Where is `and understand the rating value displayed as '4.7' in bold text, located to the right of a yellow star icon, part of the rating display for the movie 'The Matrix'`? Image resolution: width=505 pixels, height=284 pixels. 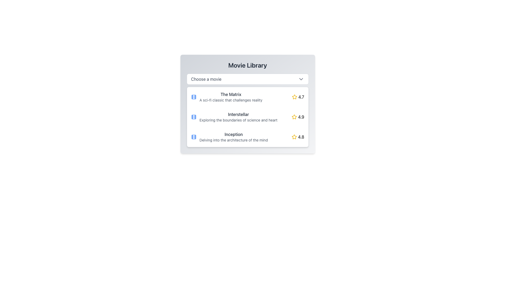 and understand the rating value displayed as '4.7' in bold text, located to the right of a yellow star icon, part of the rating display for the movie 'The Matrix' is located at coordinates (301, 97).